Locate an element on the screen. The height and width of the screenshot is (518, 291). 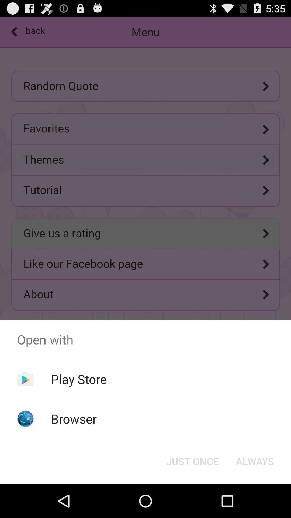
the button to the left of always item is located at coordinates (192, 461).